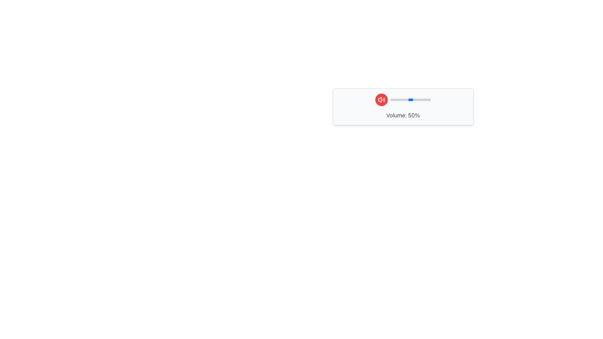 The width and height of the screenshot is (603, 339). Describe the element at coordinates (422, 99) in the screenshot. I see `volume` at that location.